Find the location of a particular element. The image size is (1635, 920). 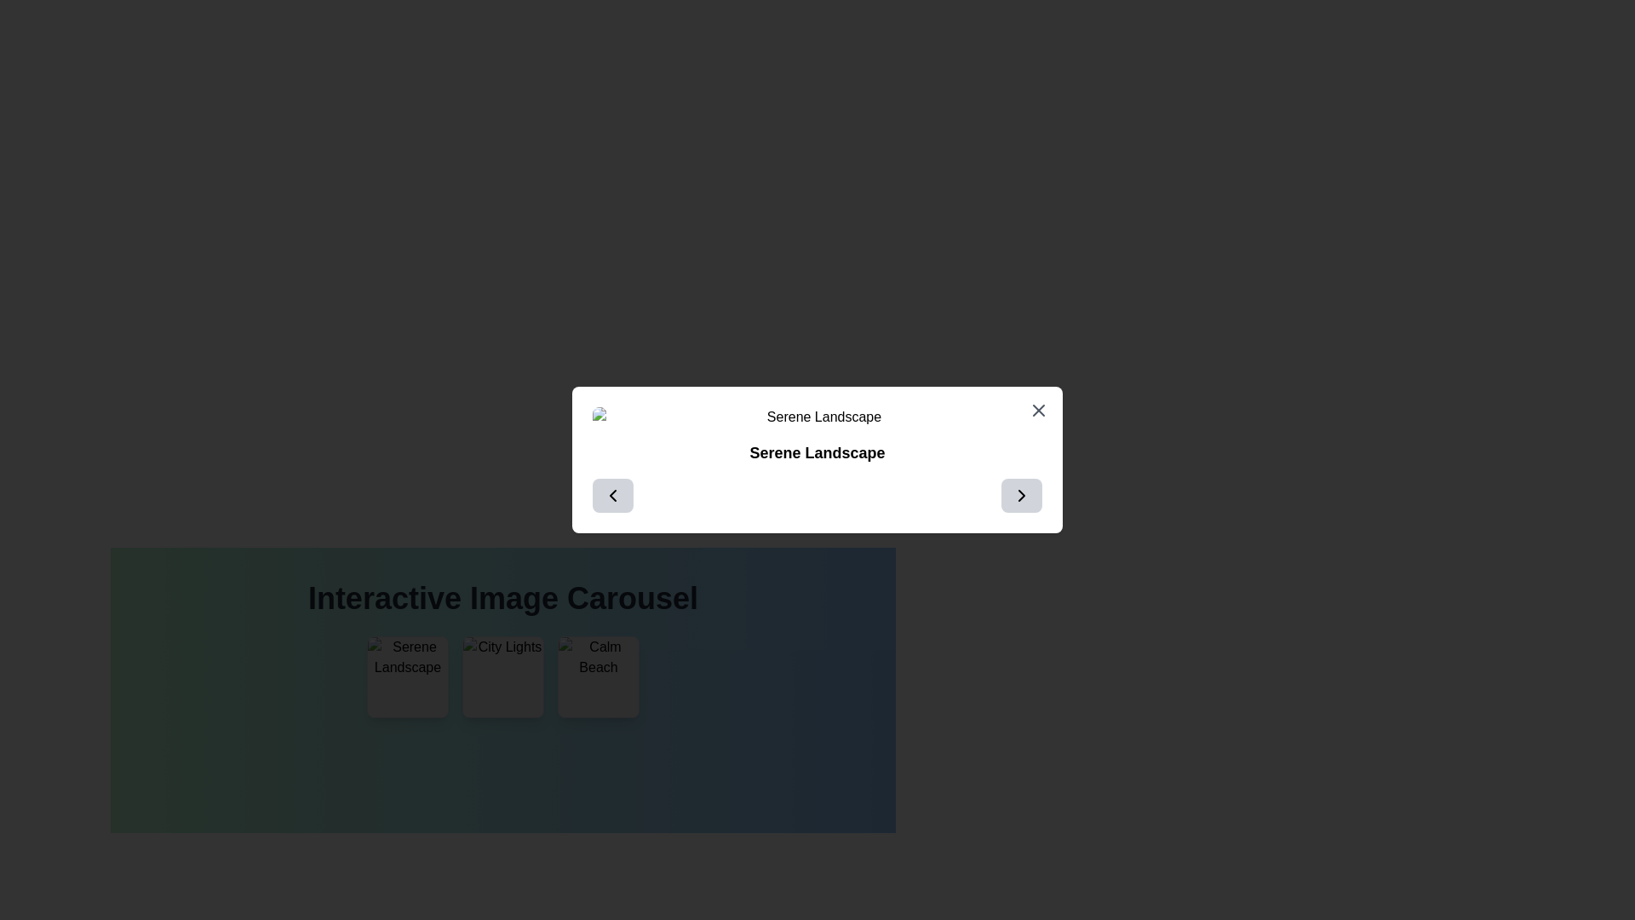

the Text Label that displays a title or description, located below the 'Serene Landscape' image in the modal is located at coordinates (817, 452).